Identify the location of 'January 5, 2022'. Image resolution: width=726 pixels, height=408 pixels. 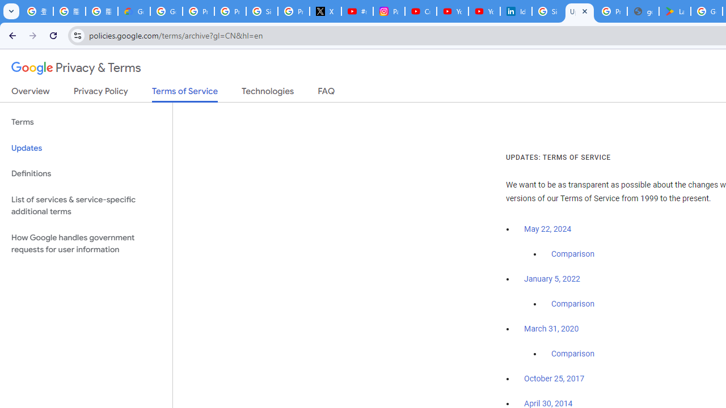
(552, 279).